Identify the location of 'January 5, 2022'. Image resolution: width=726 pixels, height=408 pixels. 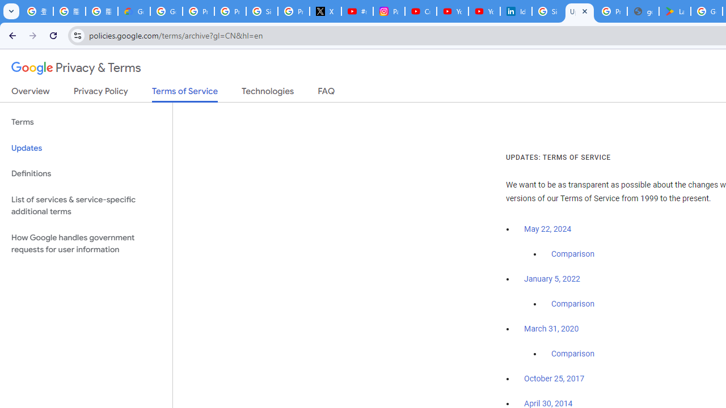
(552, 279).